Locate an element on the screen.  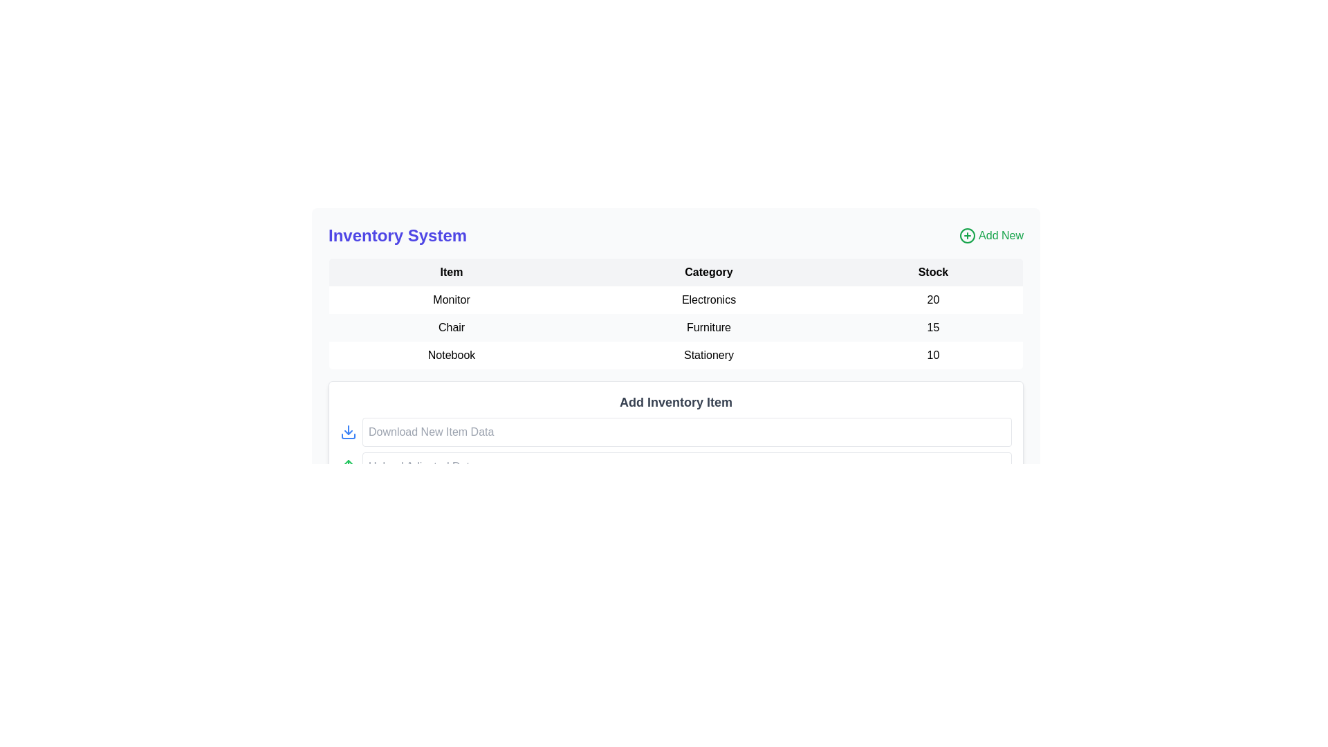
the text label that reads 'Add Inventory Item', which is displayed in bold and dark gray color, located in the center of a bordered and rounded rectangular section below the inventory list is located at coordinates (676, 403).